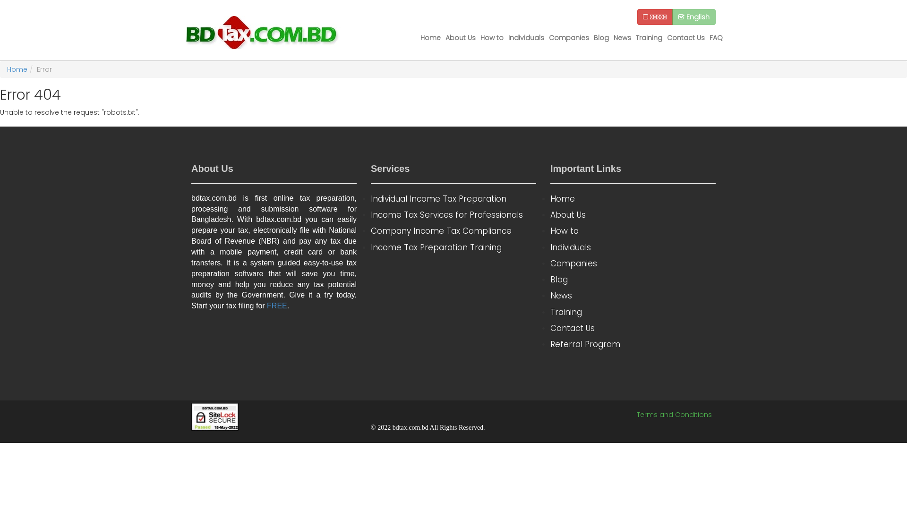 The width and height of the screenshot is (907, 510). I want to click on 'Individual Income Tax Preparation', so click(453, 198).